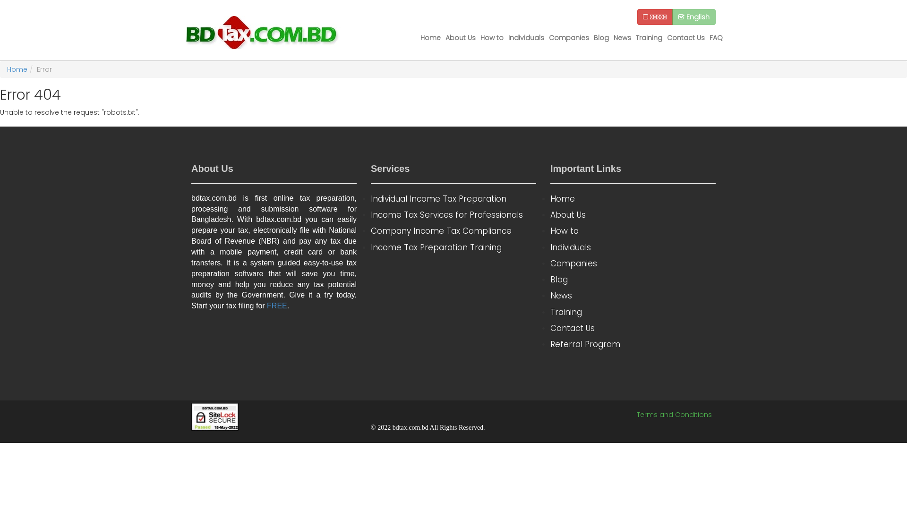 The width and height of the screenshot is (907, 510). I want to click on 'Individual Income Tax Preparation', so click(453, 198).